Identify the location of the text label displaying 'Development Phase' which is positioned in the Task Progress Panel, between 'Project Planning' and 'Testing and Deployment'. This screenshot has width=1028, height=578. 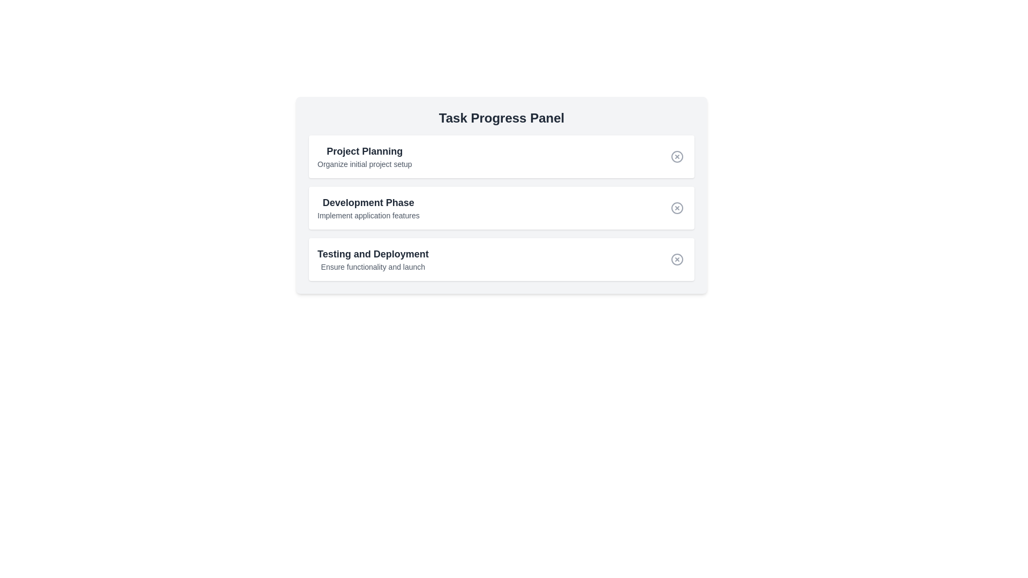
(368, 202).